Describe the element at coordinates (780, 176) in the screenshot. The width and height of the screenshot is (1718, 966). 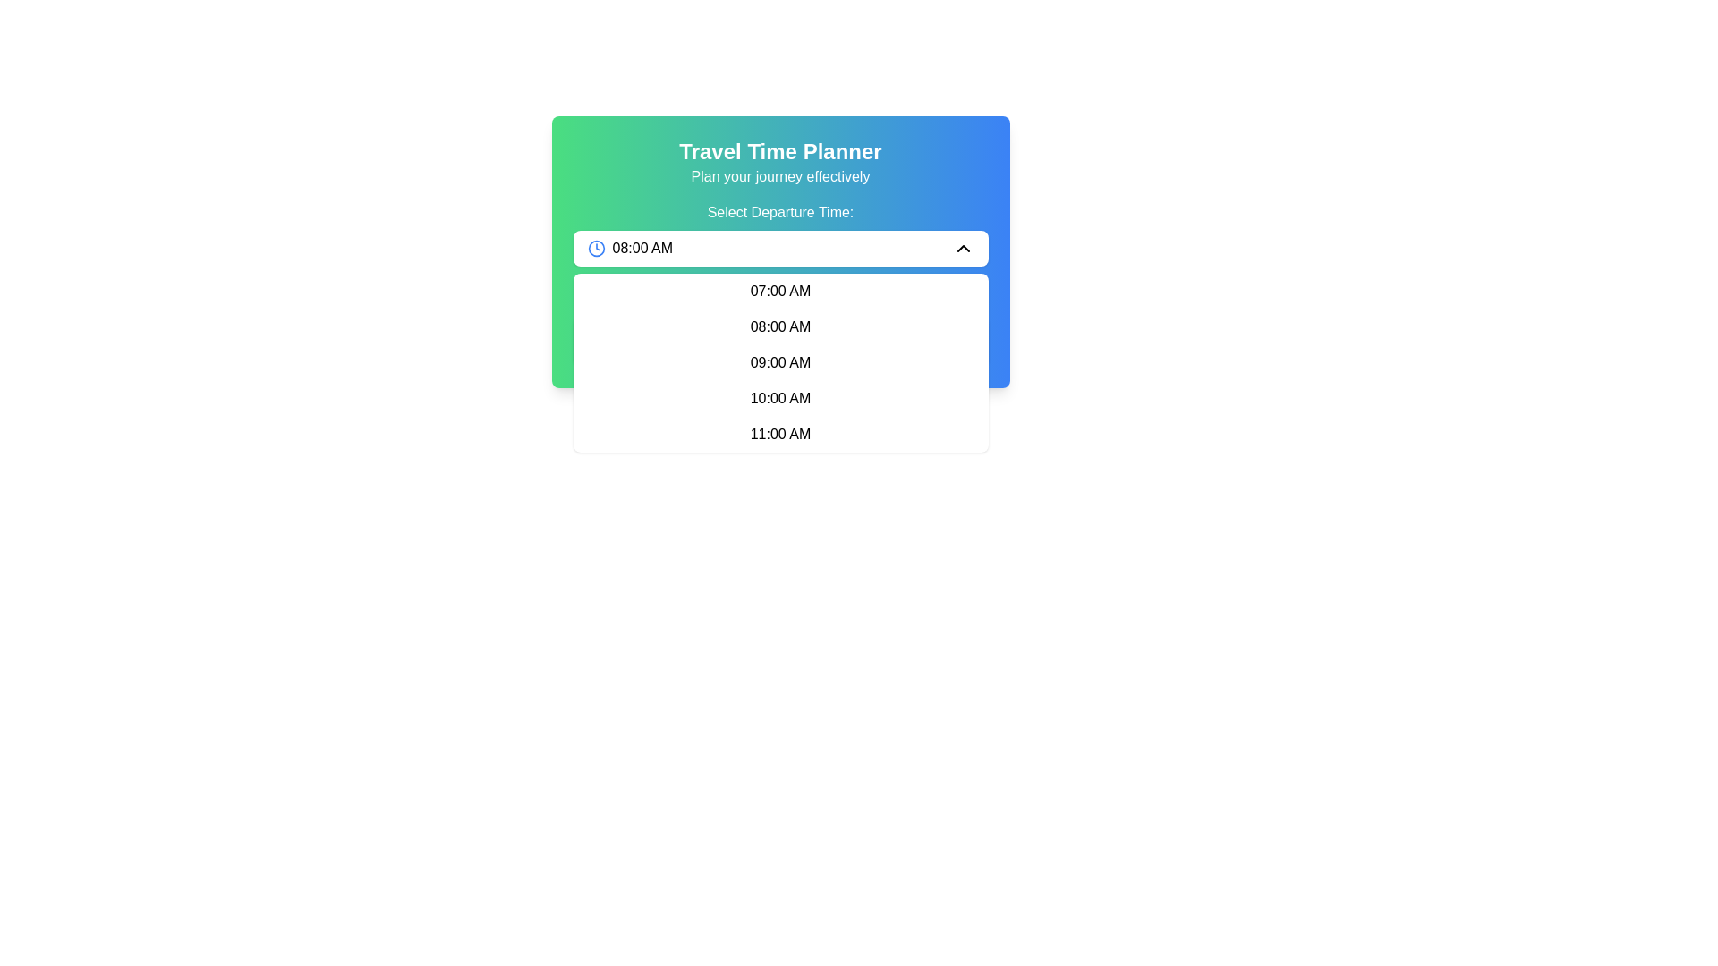
I see `the descriptive subheading or tagline text label located directly beneath the title 'Travel Time Planner'` at that location.